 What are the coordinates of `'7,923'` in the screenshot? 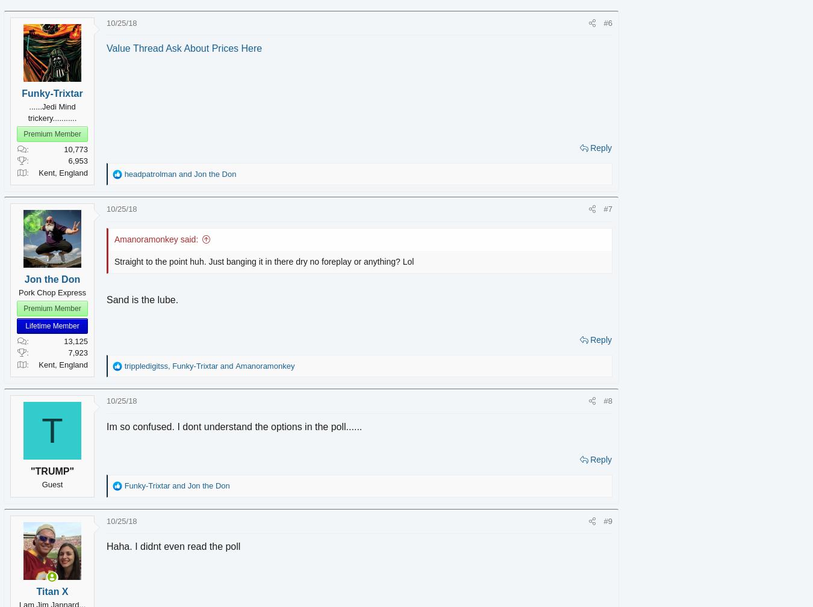 It's located at (95, 353).